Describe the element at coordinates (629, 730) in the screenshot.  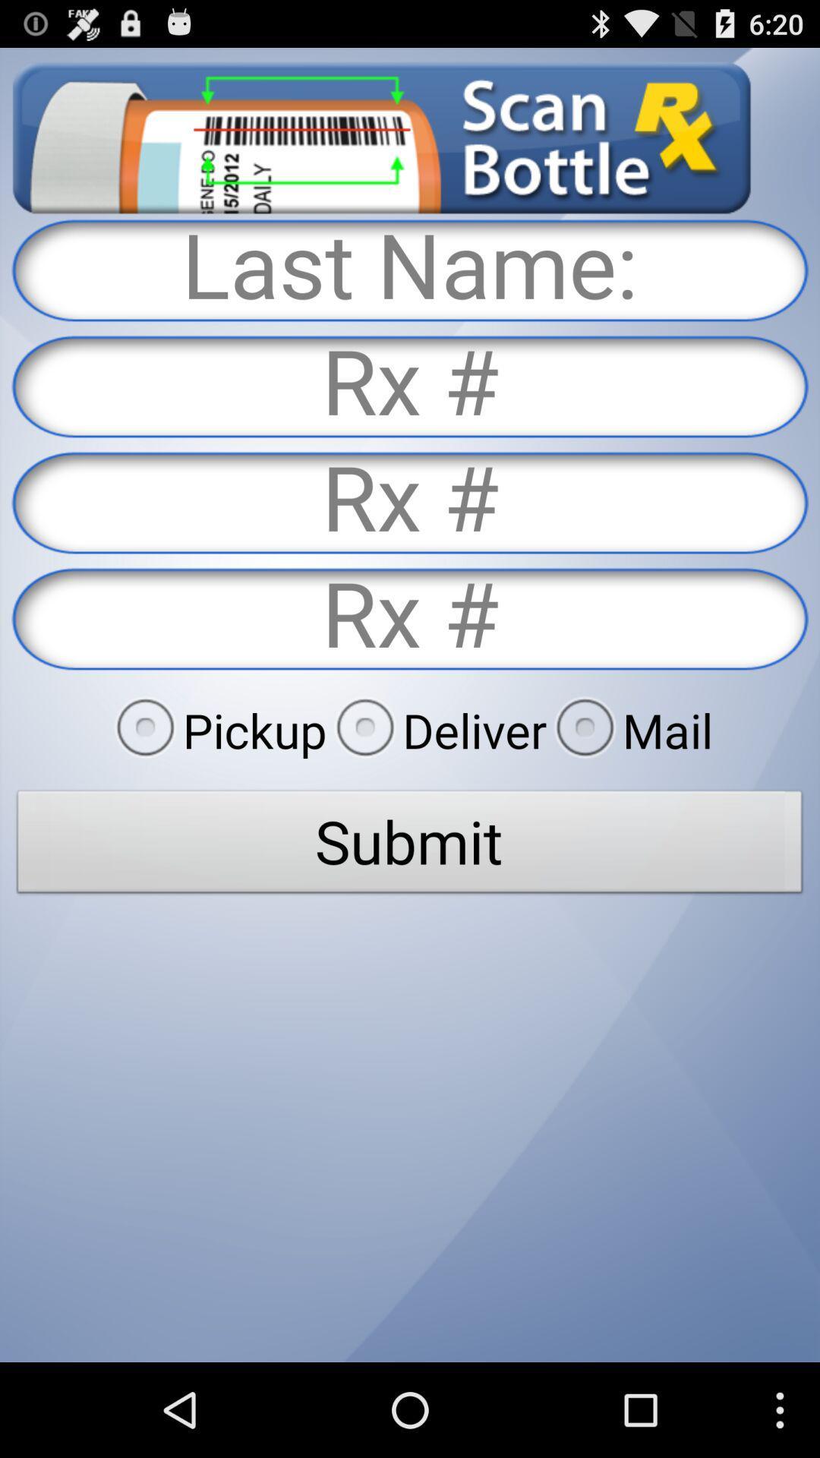
I see `the radio button to the right of the deliver item` at that location.